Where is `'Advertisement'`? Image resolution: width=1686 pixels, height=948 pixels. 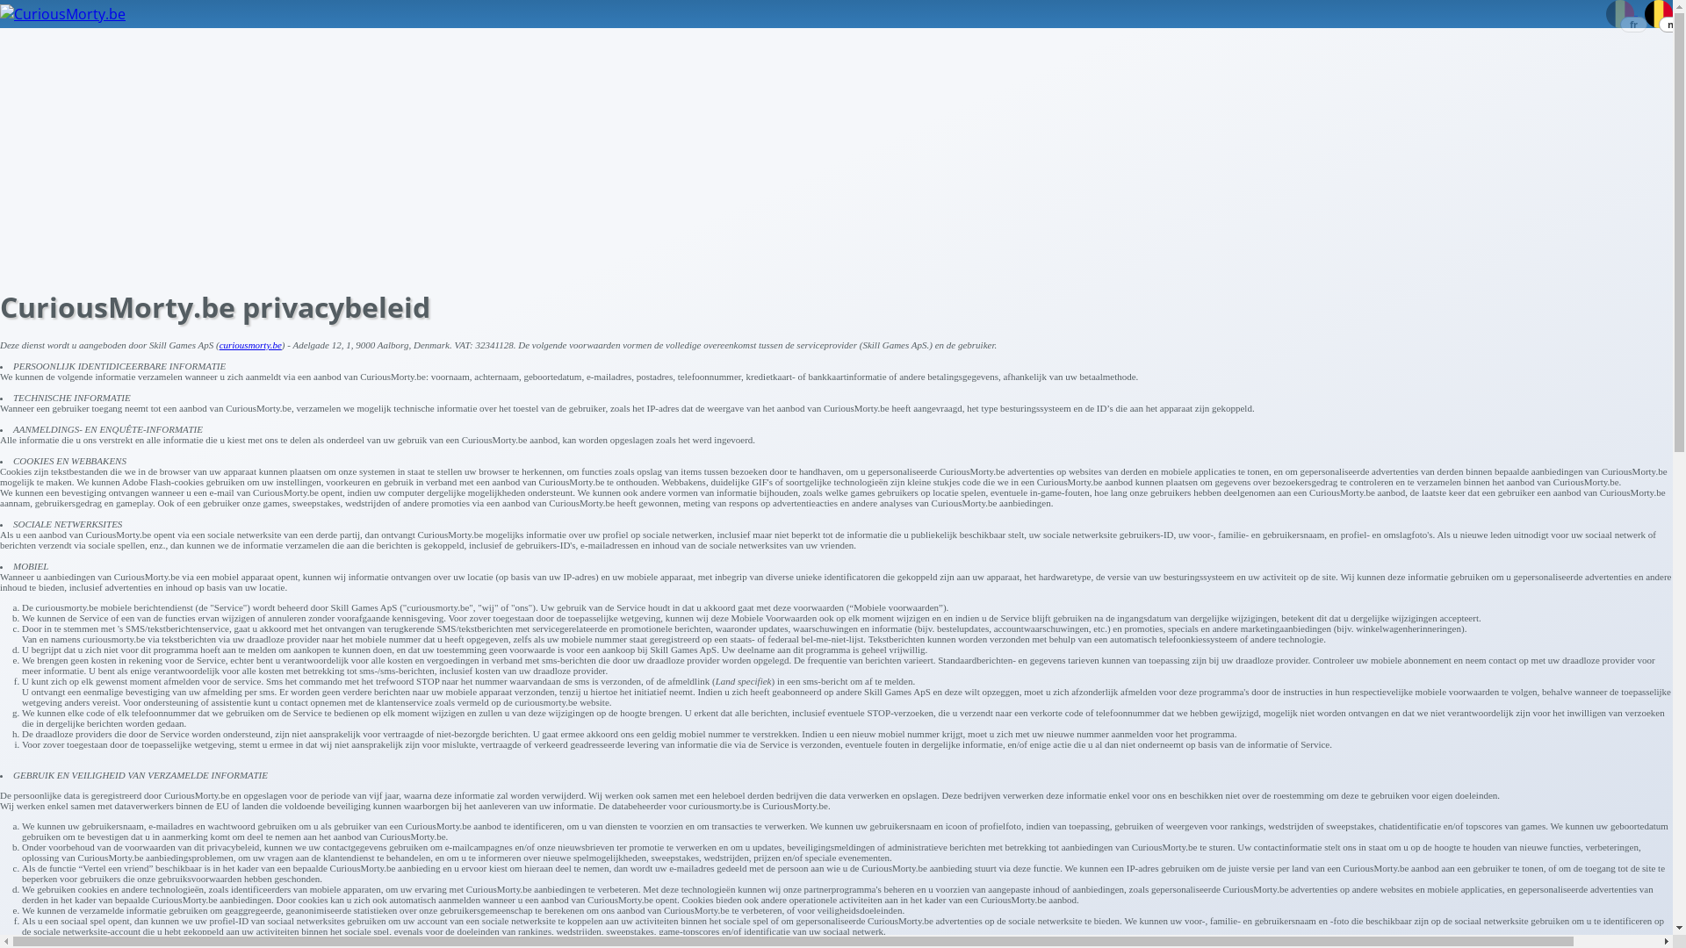 'Advertisement' is located at coordinates (0, 150).